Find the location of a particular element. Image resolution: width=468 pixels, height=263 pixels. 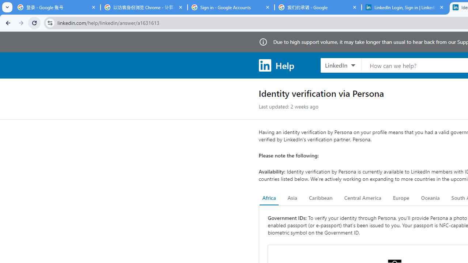

'Sign in - Google Accounts' is located at coordinates (231, 7).